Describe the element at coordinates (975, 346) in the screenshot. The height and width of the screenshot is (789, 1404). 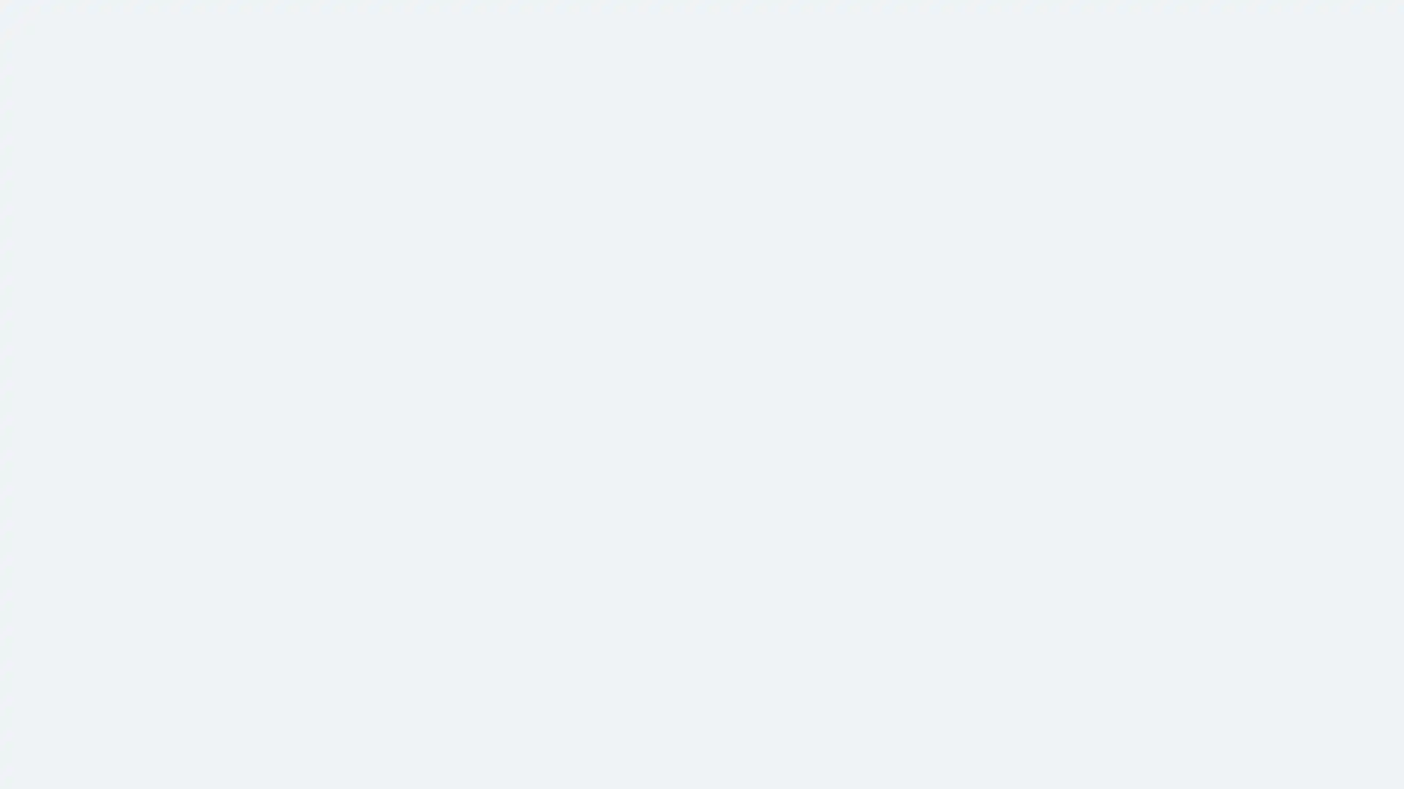
I see `Toggle password visibility` at that location.